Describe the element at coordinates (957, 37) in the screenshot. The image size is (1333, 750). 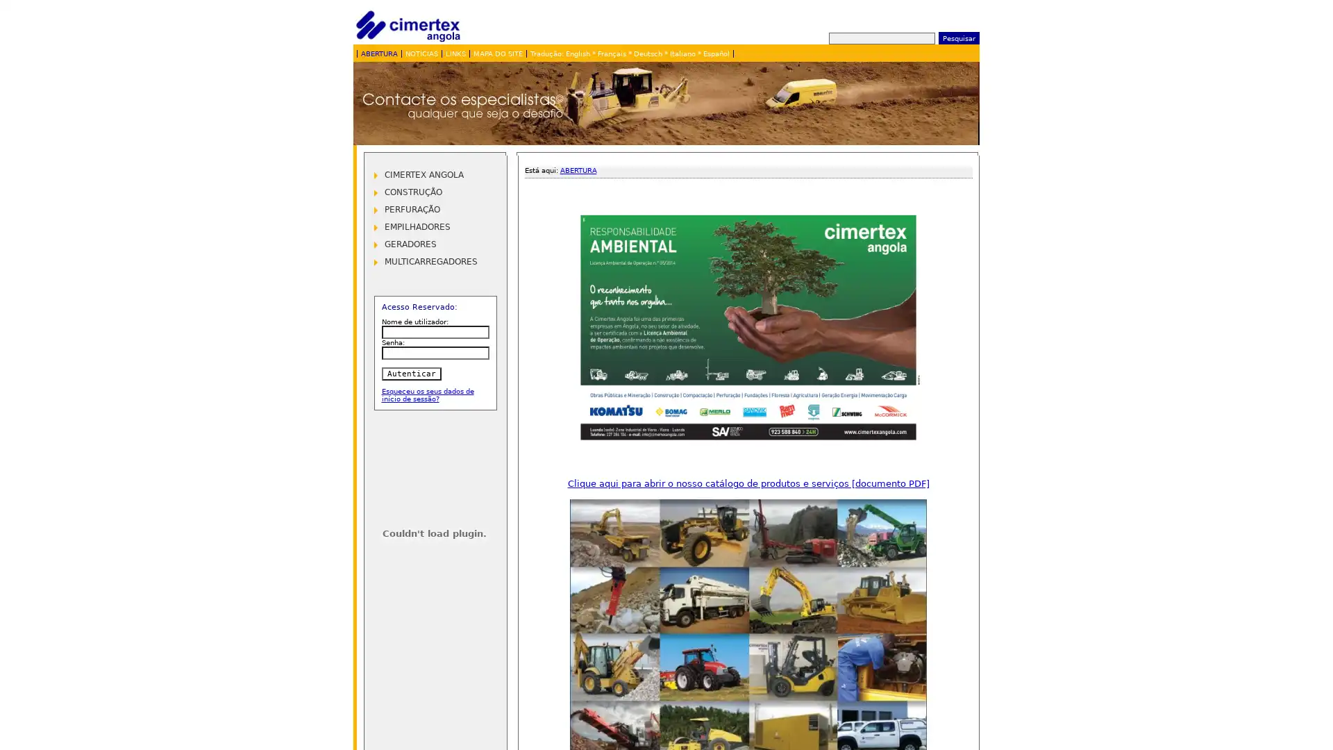
I see `Pesquisar` at that location.